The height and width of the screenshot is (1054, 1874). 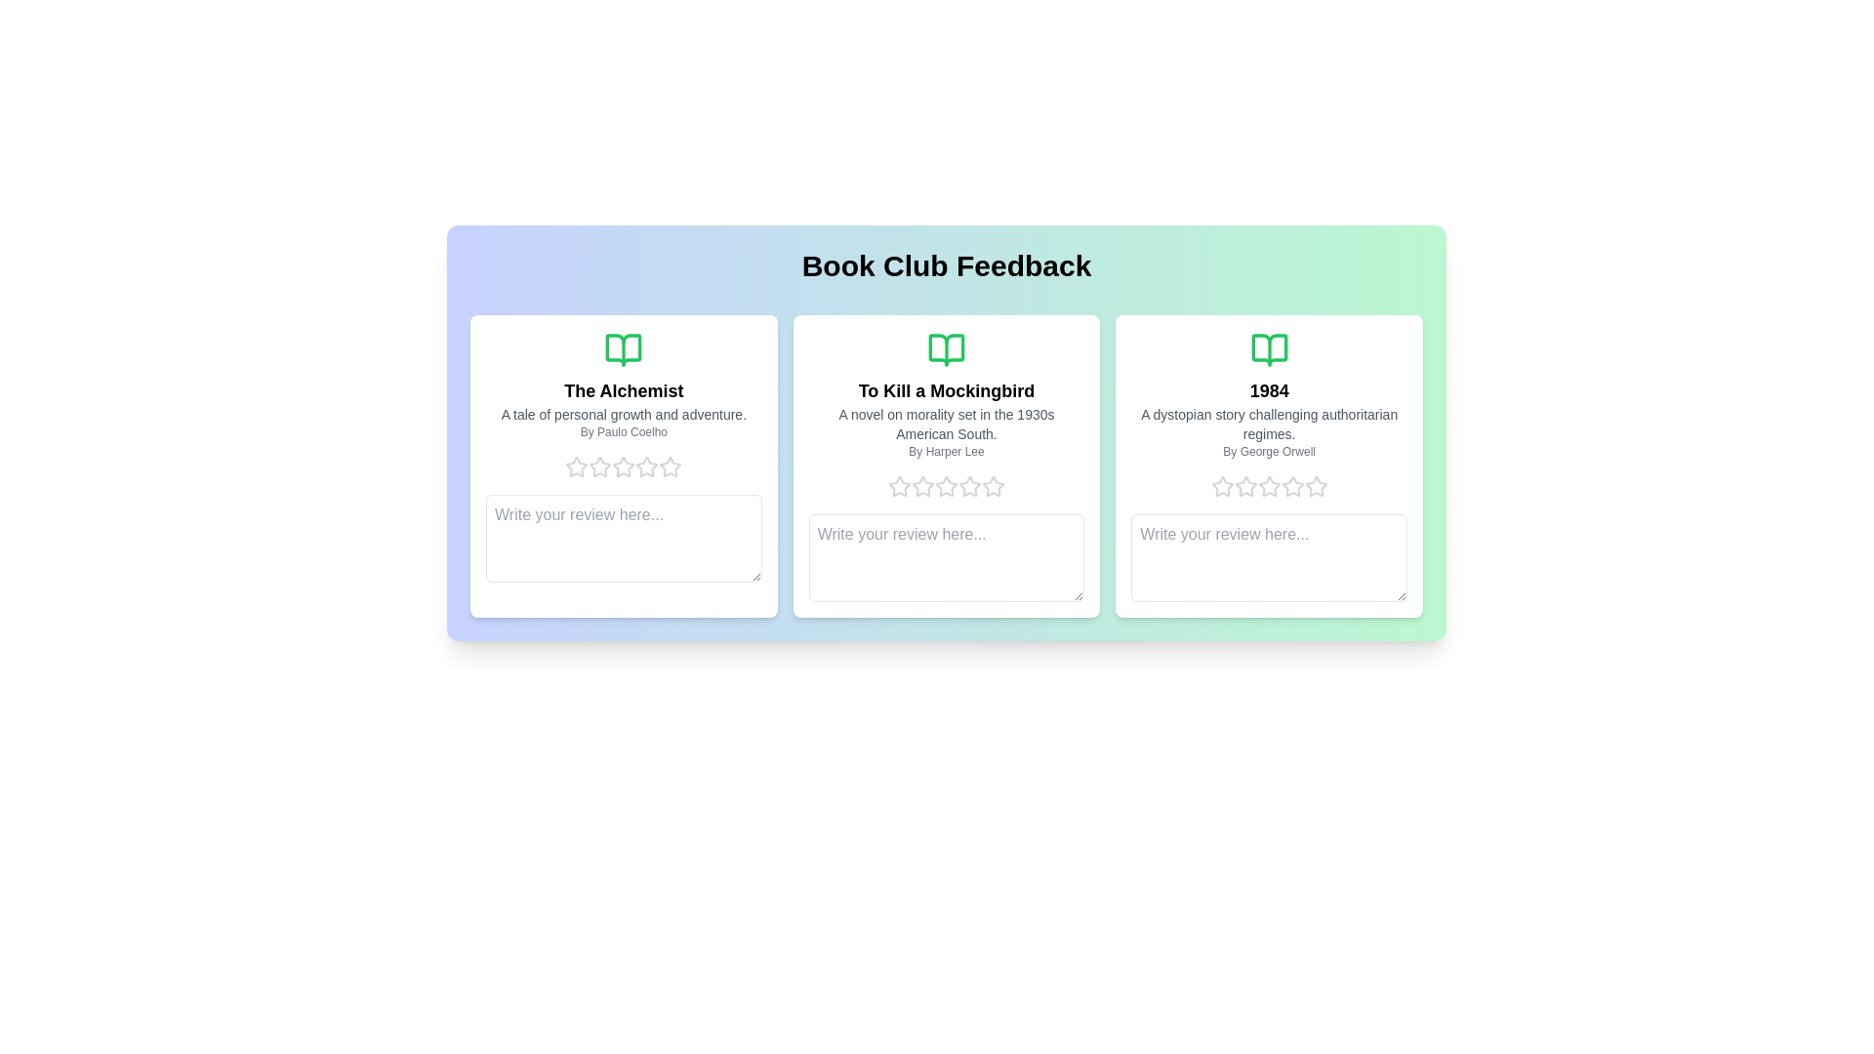 I want to click on the second star rating icon for 'To Kill a Mockingbird', so click(x=898, y=485).